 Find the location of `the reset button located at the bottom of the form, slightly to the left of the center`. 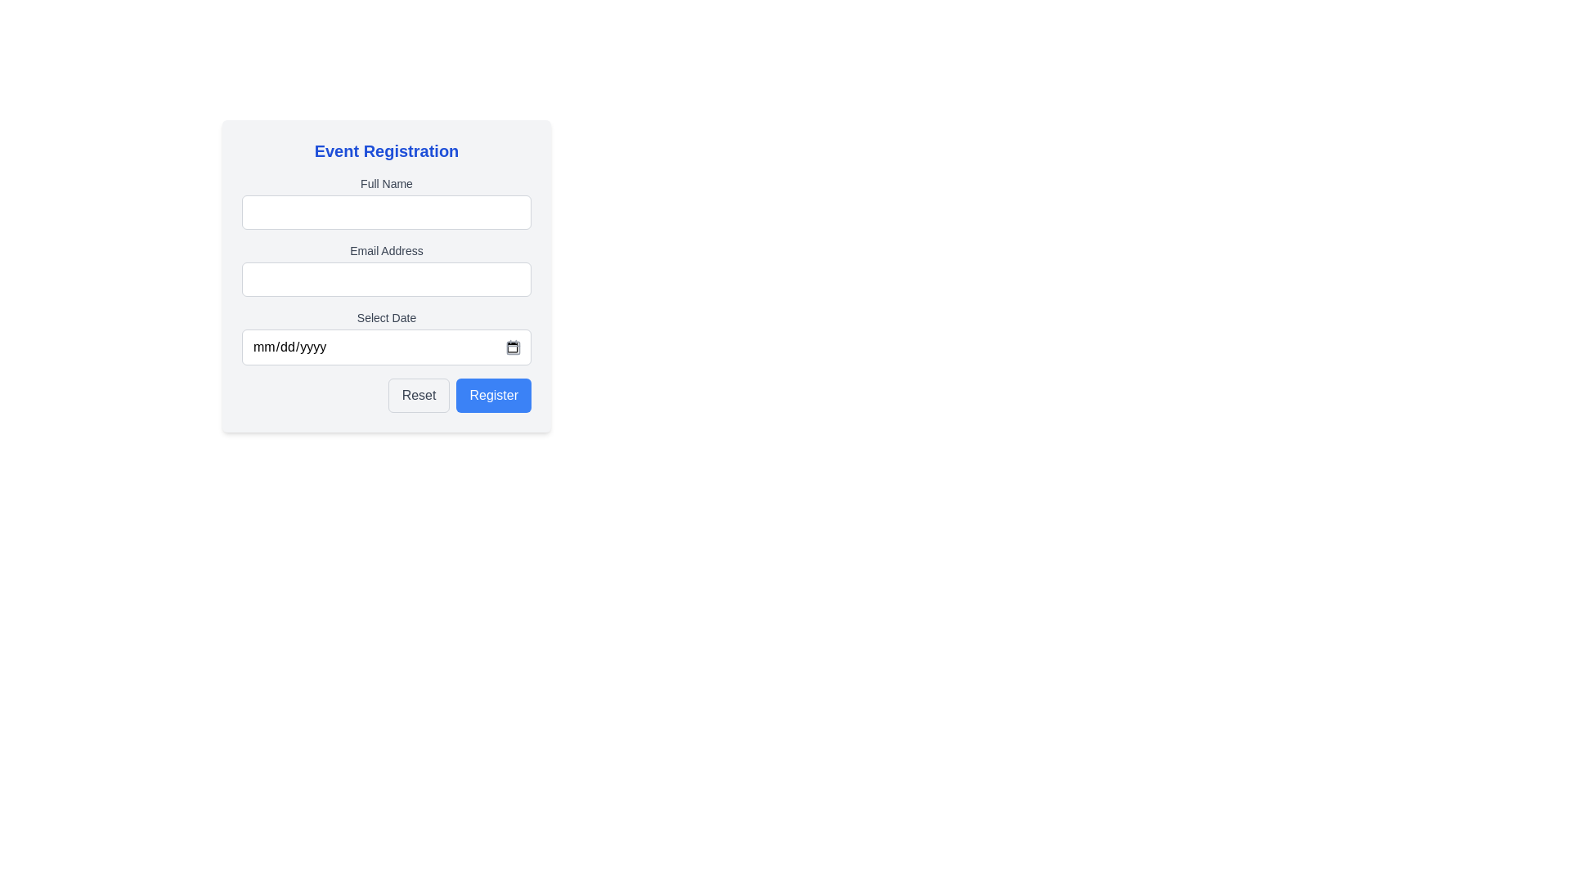

the reset button located at the bottom of the form, slightly to the left of the center is located at coordinates (419, 395).